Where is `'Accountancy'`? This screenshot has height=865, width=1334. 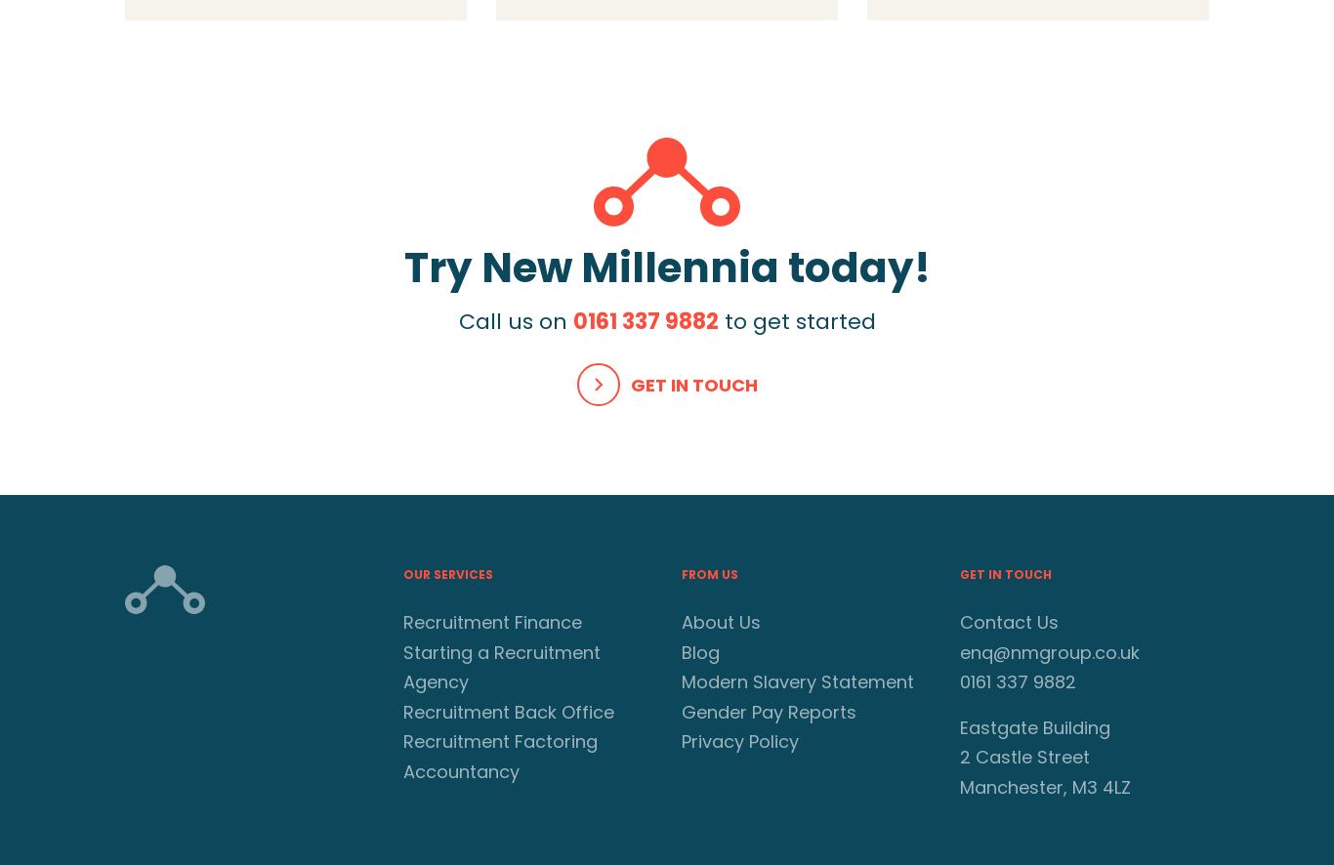
'Accountancy' is located at coordinates (461, 770).